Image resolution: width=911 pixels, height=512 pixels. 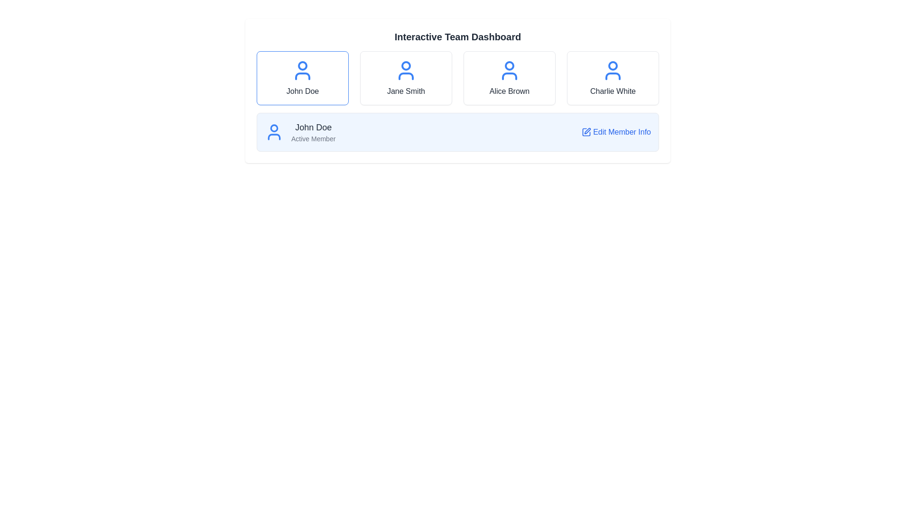 What do you see at coordinates (613, 91) in the screenshot?
I see `the text label displaying the name 'Charlie White' associated with a user profile in the interactive team dashboard` at bounding box center [613, 91].